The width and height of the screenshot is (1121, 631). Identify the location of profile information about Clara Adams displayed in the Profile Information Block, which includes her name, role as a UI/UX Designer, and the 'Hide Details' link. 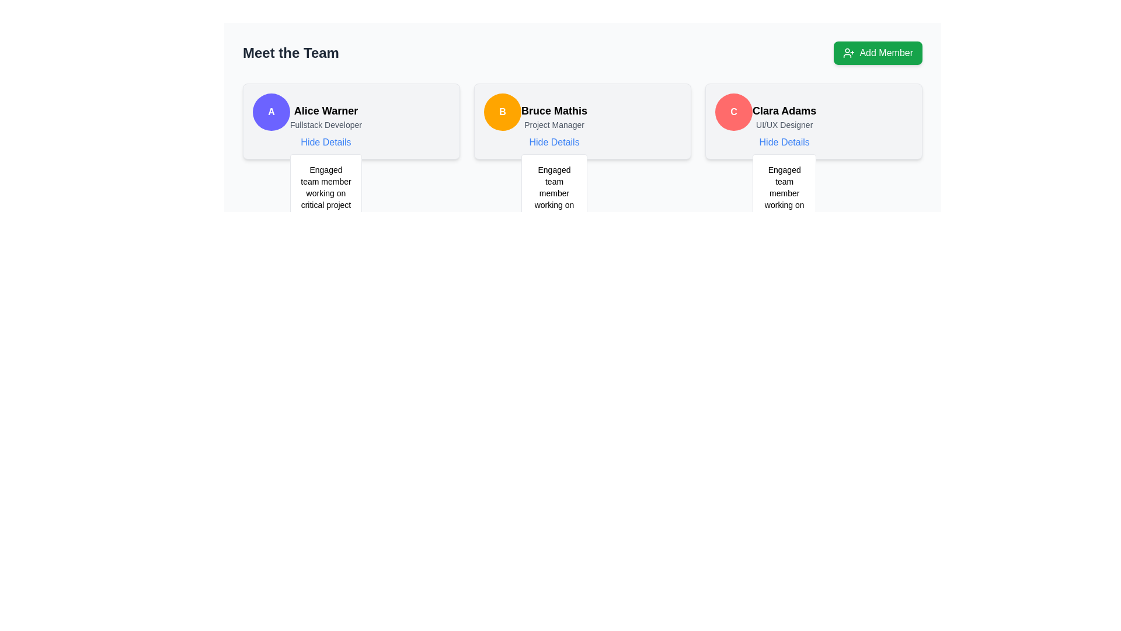
(784, 126).